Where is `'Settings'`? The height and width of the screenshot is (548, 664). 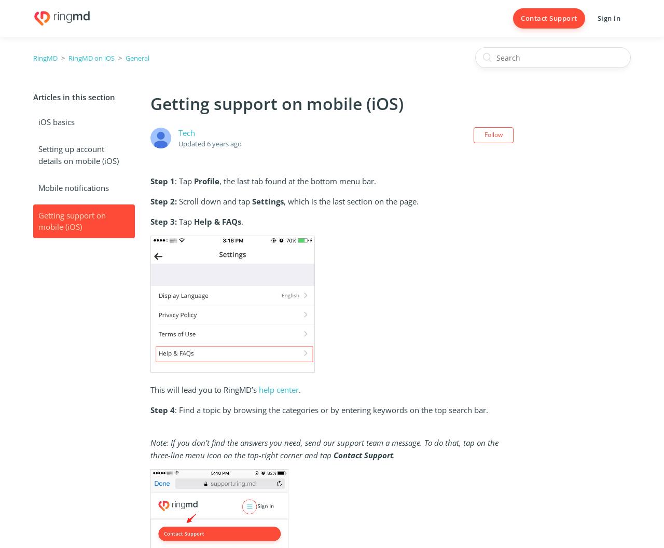 'Settings' is located at coordinates (267, 200).